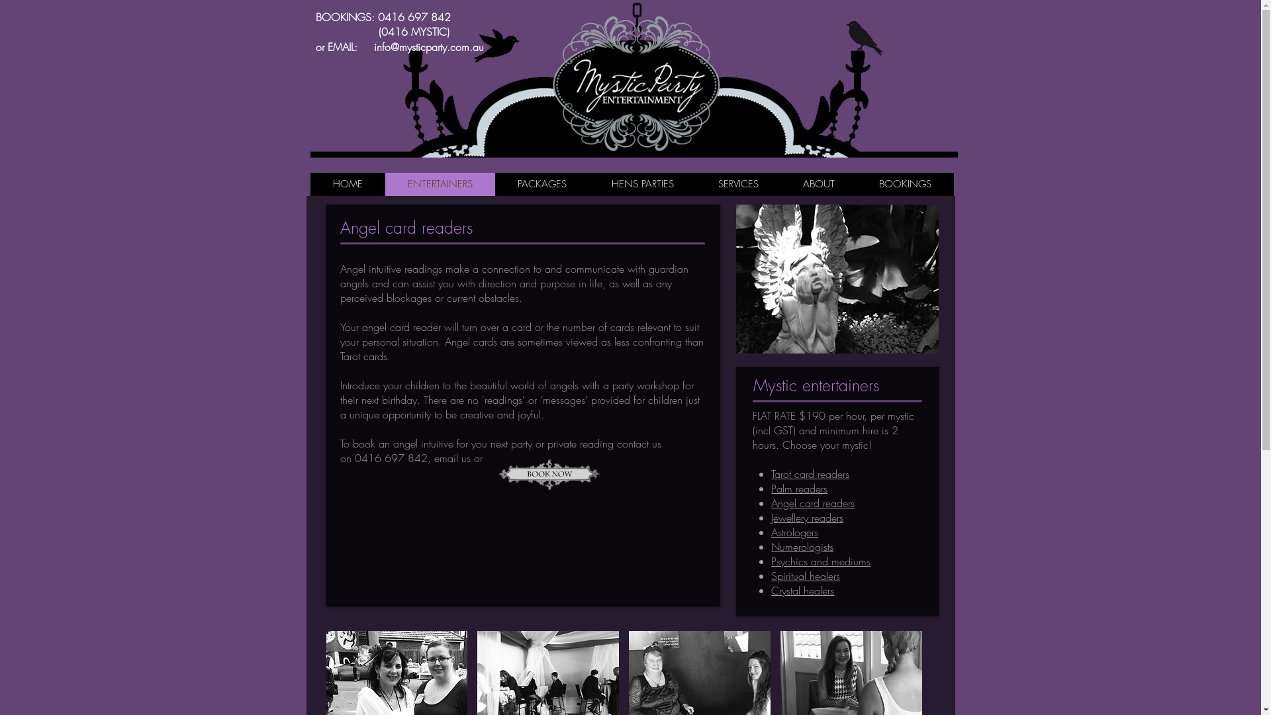 This screenshot has height=715, width=1271. What do you see at coordinates (802, 589) in the screenshot?
I see `'Crystal healers'` at bounding box center [802, 589].